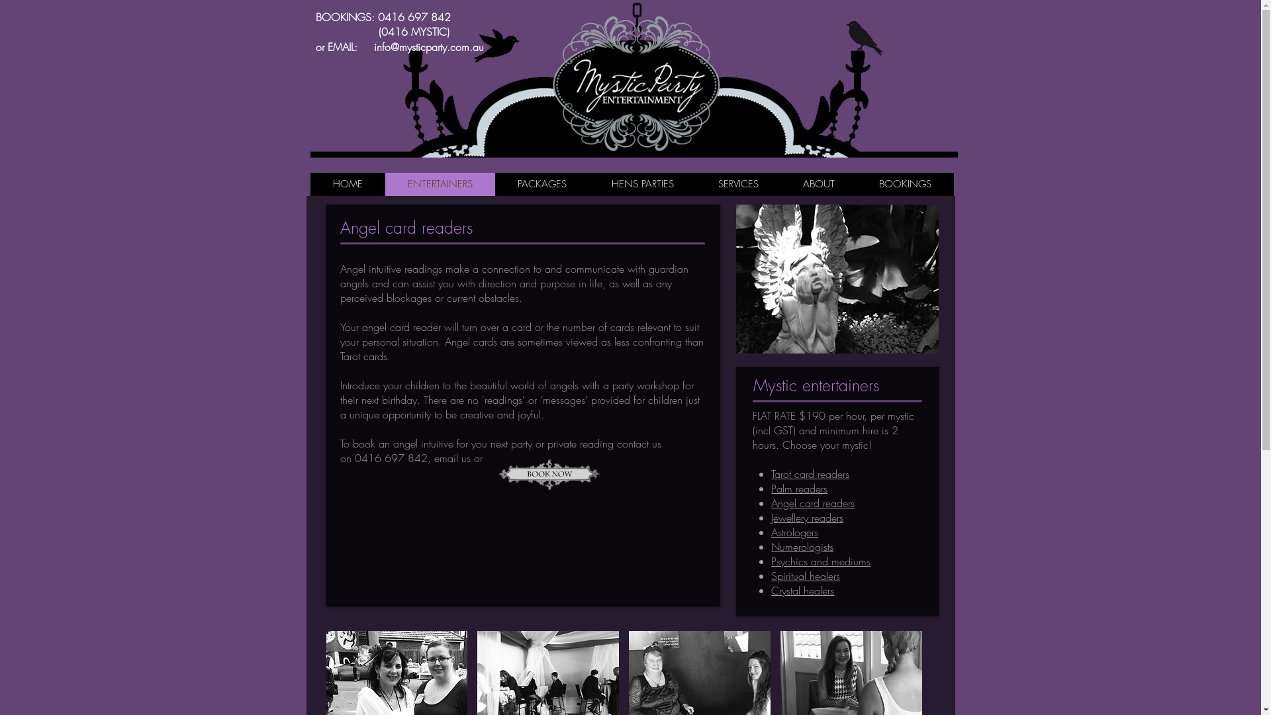 This screenshot has height=715, width=1271. What do you see at coordinates (802, 589) in the screenshot?
I see `'Crystal healers'` at bounding box center [802, 589].